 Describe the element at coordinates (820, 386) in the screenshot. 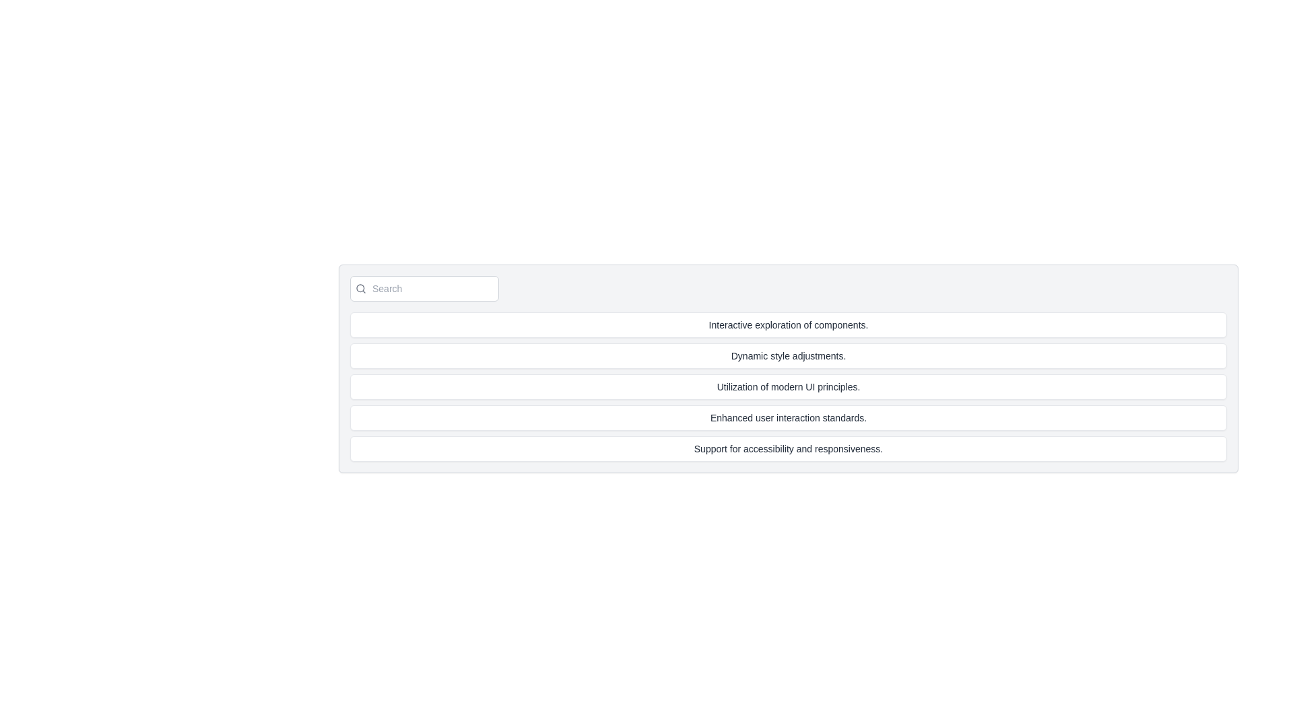

I see `the character 'p' in the word 'principles' of the sentence 'Utilization of modern UI principles.'` at that location.